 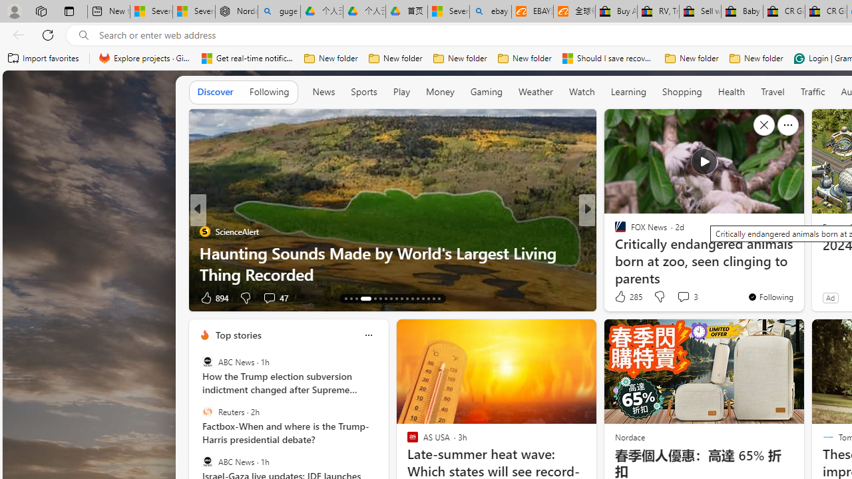 What do you see at coordinates (626, 296) in the screenshot?
I see `'285 Like'` at bounding box center [626, 296].